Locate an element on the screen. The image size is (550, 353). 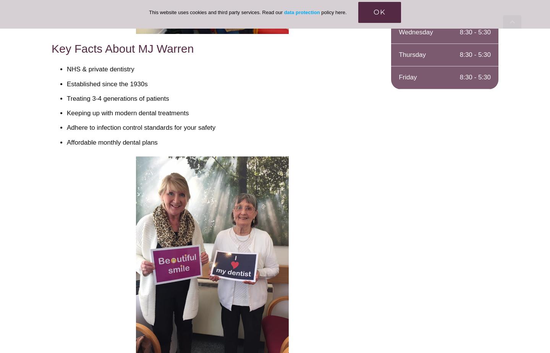
'NHS & private dentistry' is located at coordinates (100, 69).